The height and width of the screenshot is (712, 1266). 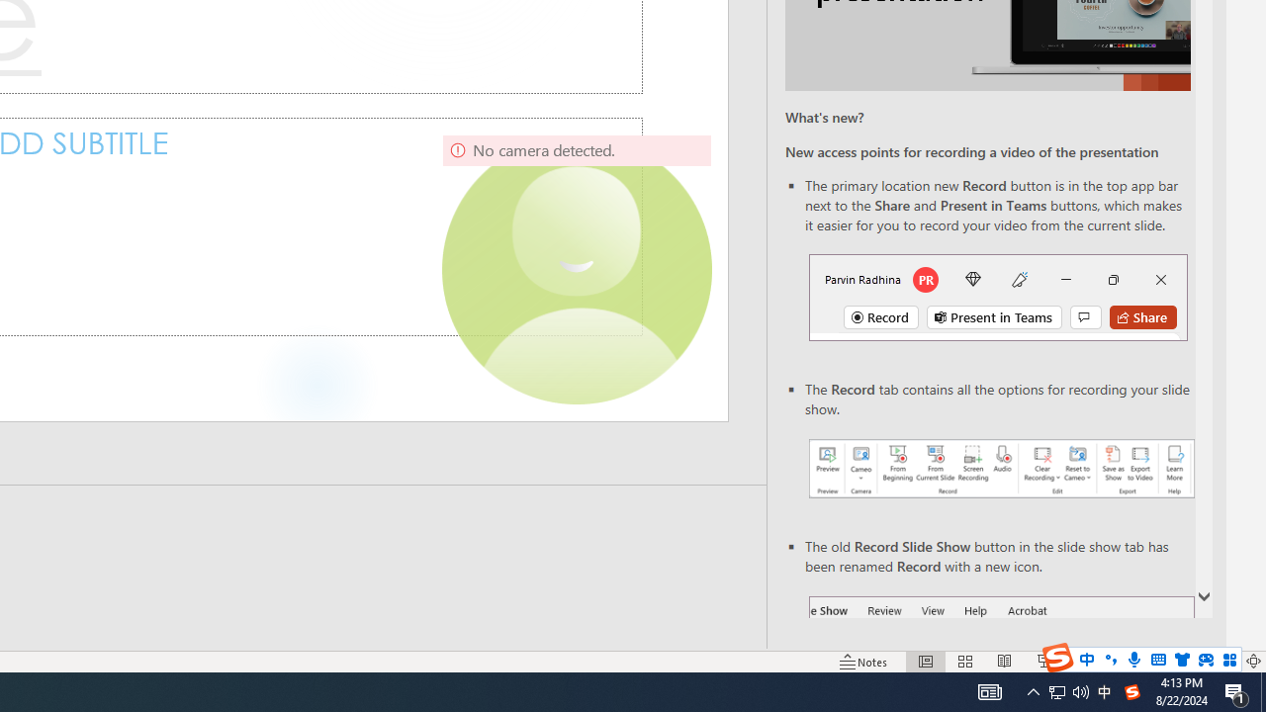 What do you see at coordinates (1004, 662) in the screenshot?
I see `'Reading View'` at bounding box center [1004, 662].